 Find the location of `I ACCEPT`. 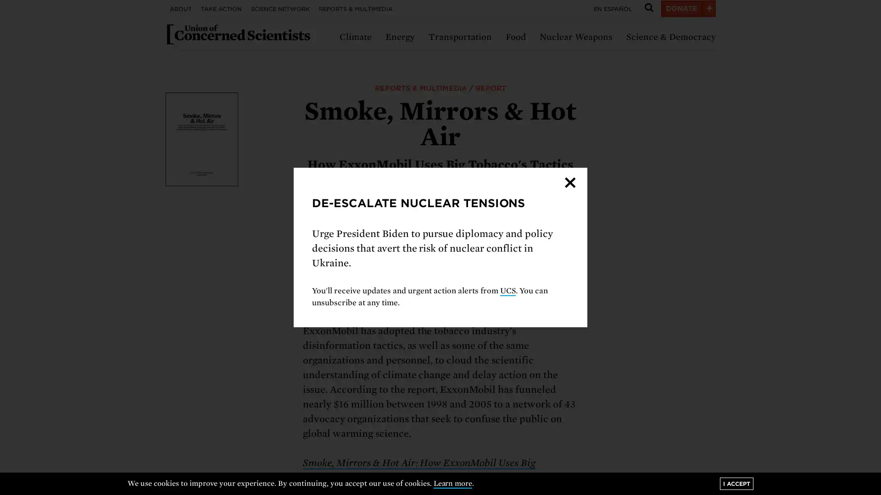

I ACCEPT is located at coordinates (736, 483).